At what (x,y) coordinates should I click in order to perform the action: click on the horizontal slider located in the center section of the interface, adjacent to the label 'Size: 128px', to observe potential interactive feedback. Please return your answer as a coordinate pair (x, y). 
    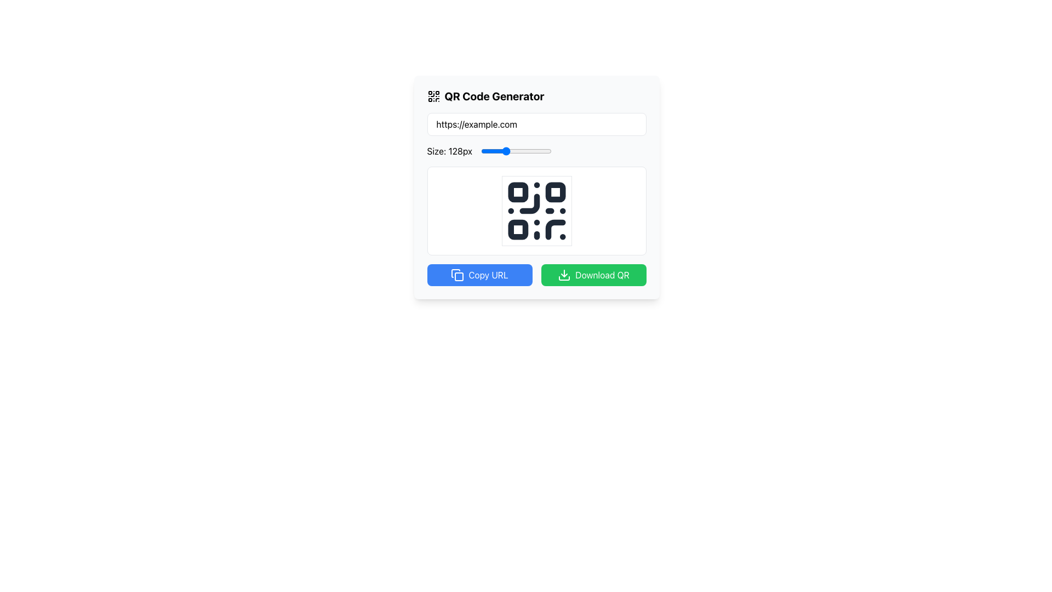
    Looking at the image, I should click on (489, 151).